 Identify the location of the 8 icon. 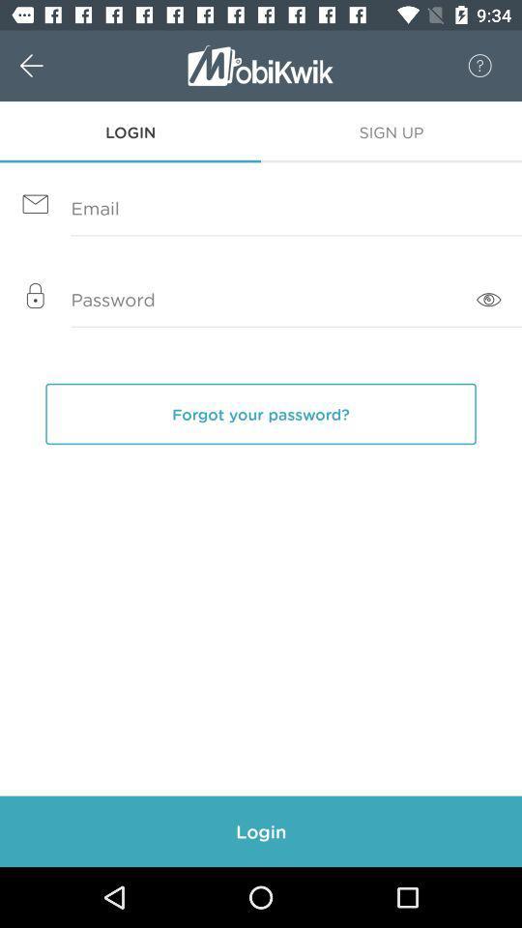
(469, 66).